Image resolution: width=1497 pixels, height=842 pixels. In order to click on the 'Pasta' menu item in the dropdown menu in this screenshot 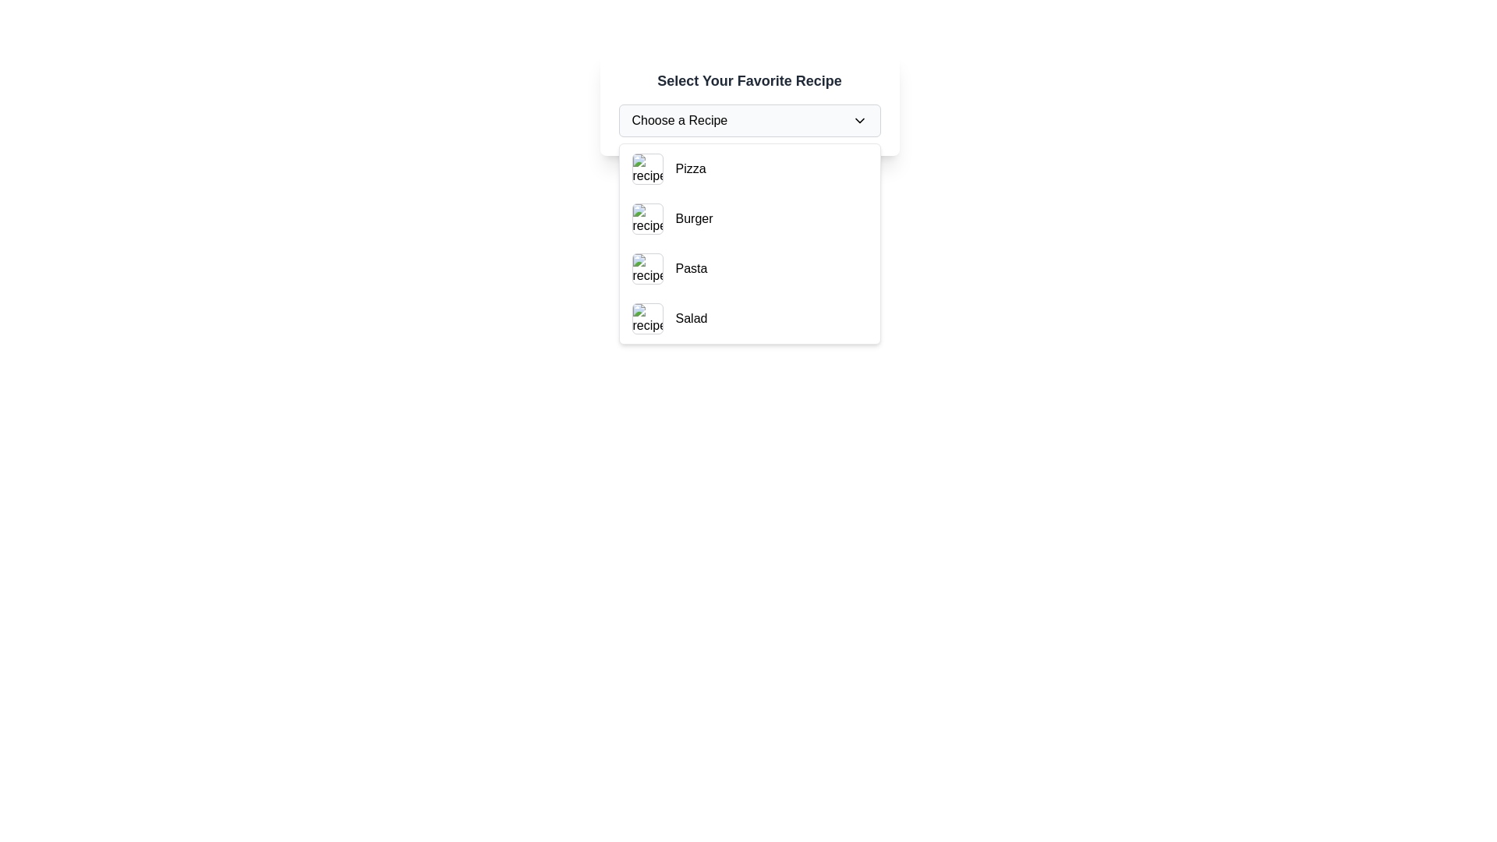, I will do `click(749, 267)`.